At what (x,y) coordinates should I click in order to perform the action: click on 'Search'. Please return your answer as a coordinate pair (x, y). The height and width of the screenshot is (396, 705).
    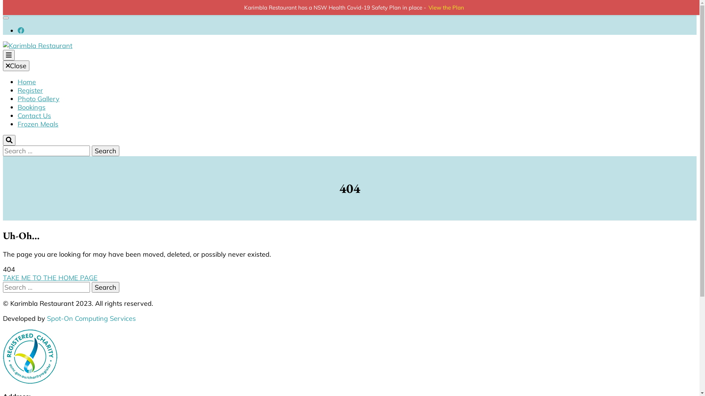
    Looking at the image, I should click on (105, 150).